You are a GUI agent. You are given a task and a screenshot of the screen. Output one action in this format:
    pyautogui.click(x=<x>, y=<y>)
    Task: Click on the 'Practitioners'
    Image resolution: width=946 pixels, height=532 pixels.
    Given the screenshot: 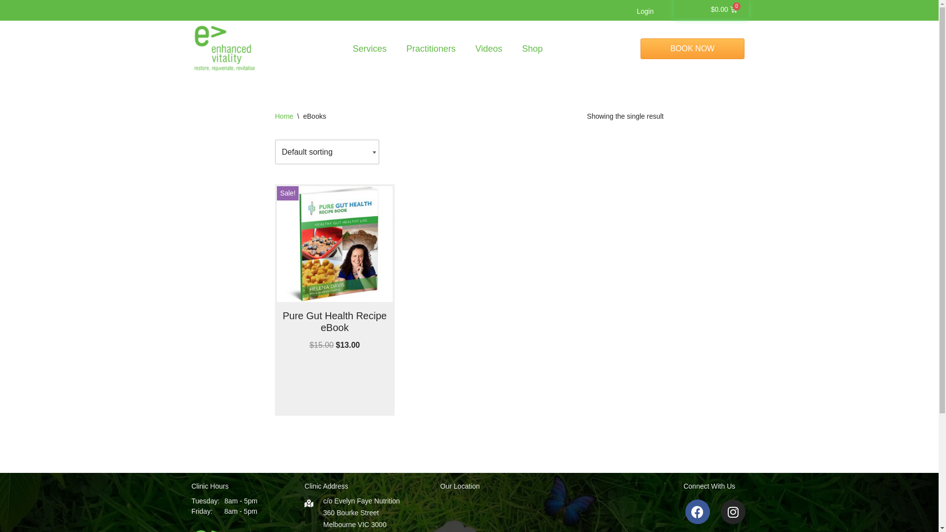 What is the action you would take?
    pyautogui.click(x=431, y=49)
    